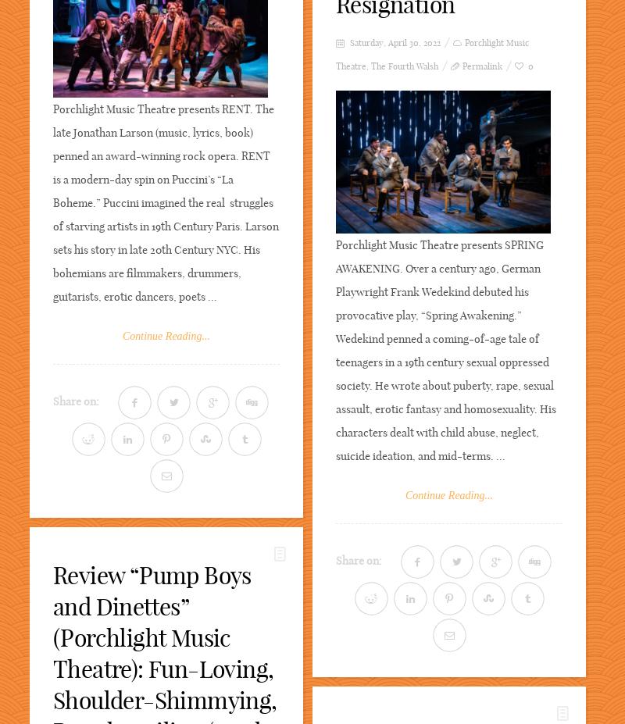 This screenshot has height=724, width=625. What do you see at coordinates (432, 54) in the screenshot?
I see `'Porchlight Music Theatre'` at bounding box center [432, 54].